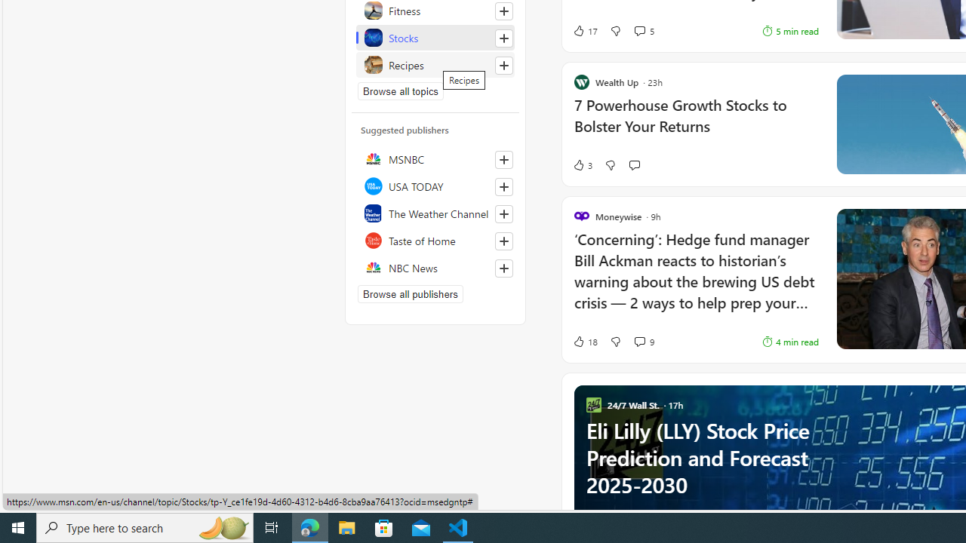  Describe the element at coordinates (435, 64) in the screenshot. I see `'Recipes'` at that location.